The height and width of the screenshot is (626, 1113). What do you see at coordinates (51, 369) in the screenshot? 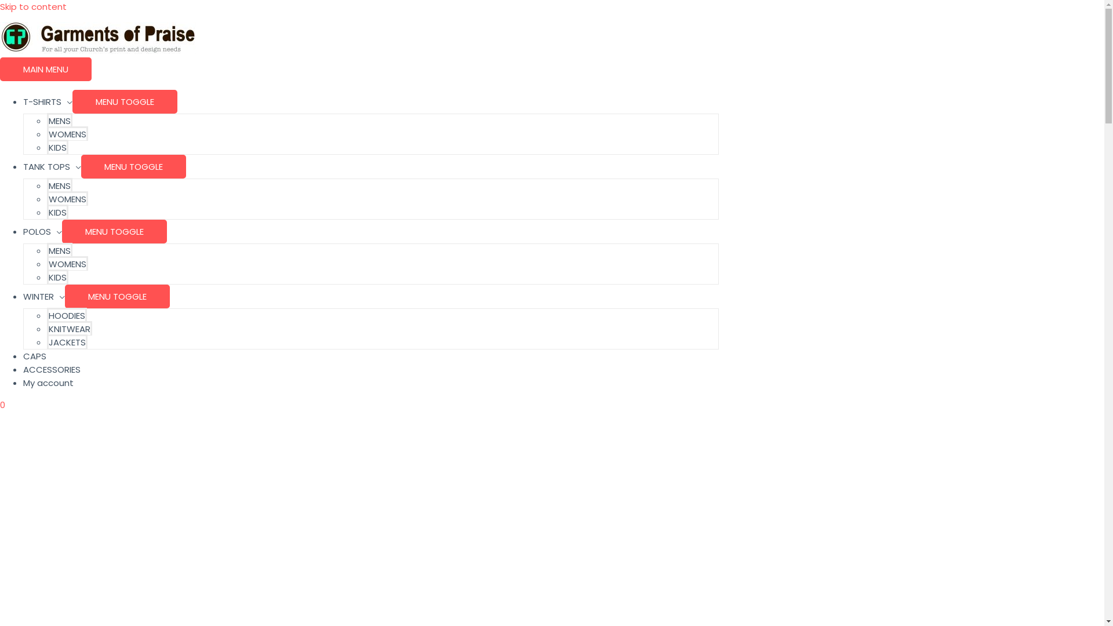
I see `'ACCESSORIES'` at bounding box center [51, 369].